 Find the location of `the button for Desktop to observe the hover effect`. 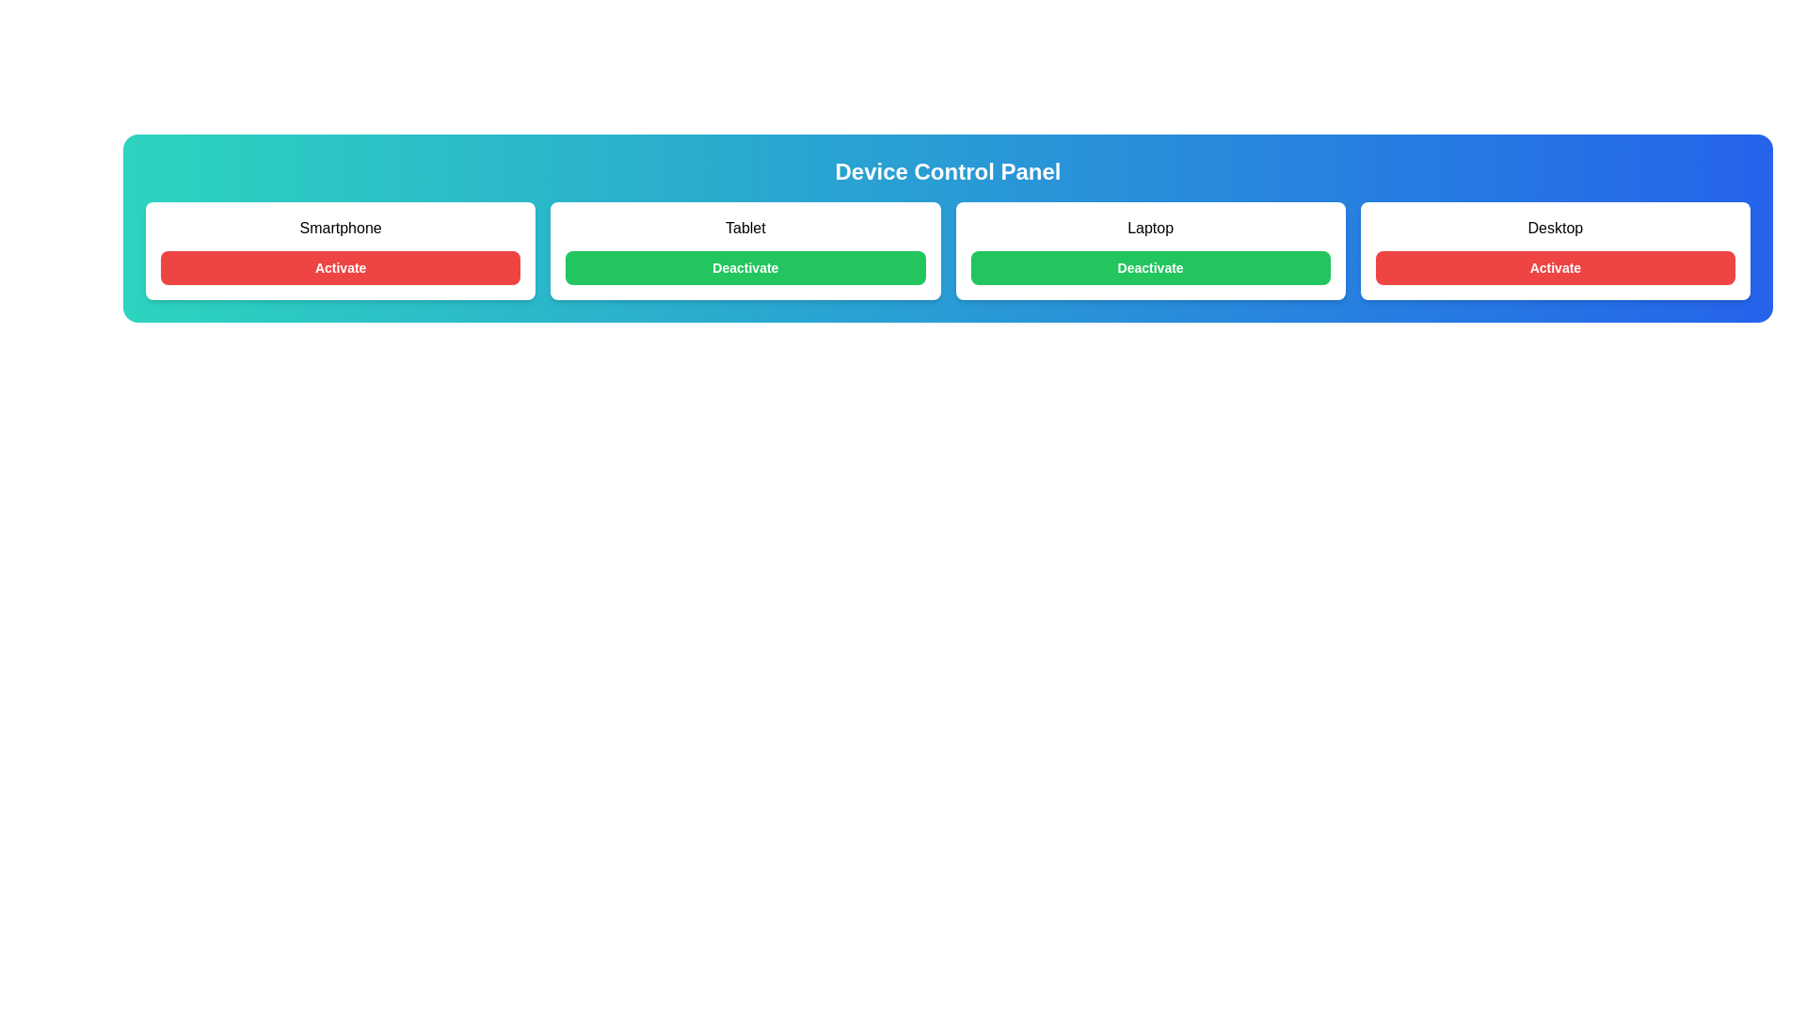

the button for Desktop to observe the hover effect is located at coordinates (1554, 268).